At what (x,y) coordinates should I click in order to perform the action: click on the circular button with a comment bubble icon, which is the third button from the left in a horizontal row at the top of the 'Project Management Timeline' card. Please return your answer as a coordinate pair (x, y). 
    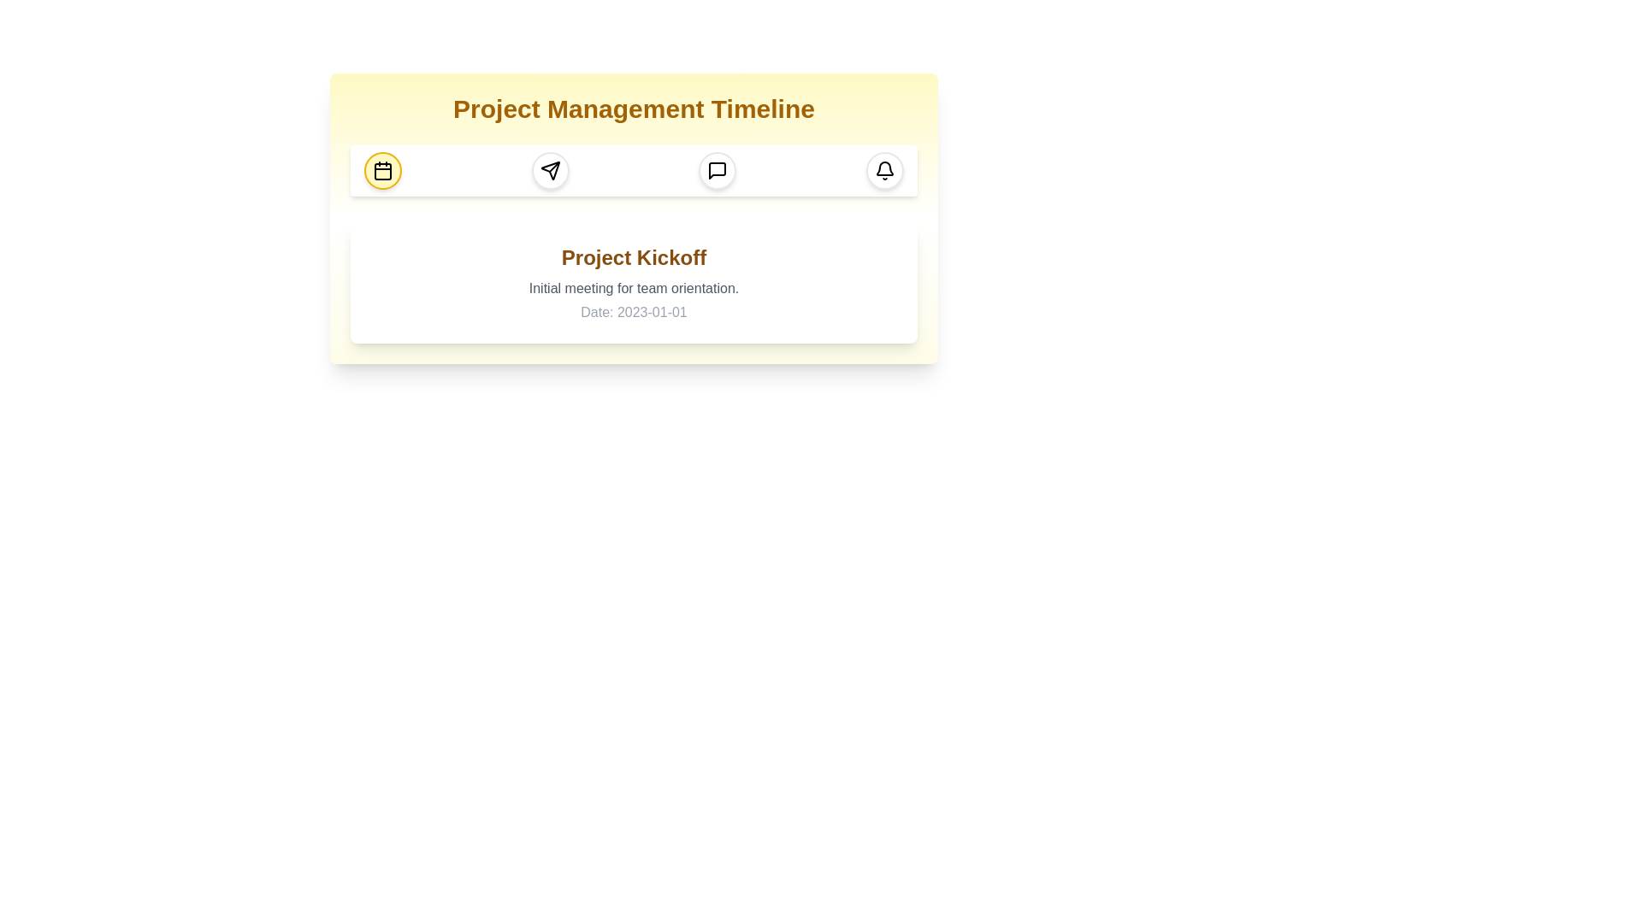
    Looking at the image, I should click on (718, 171).